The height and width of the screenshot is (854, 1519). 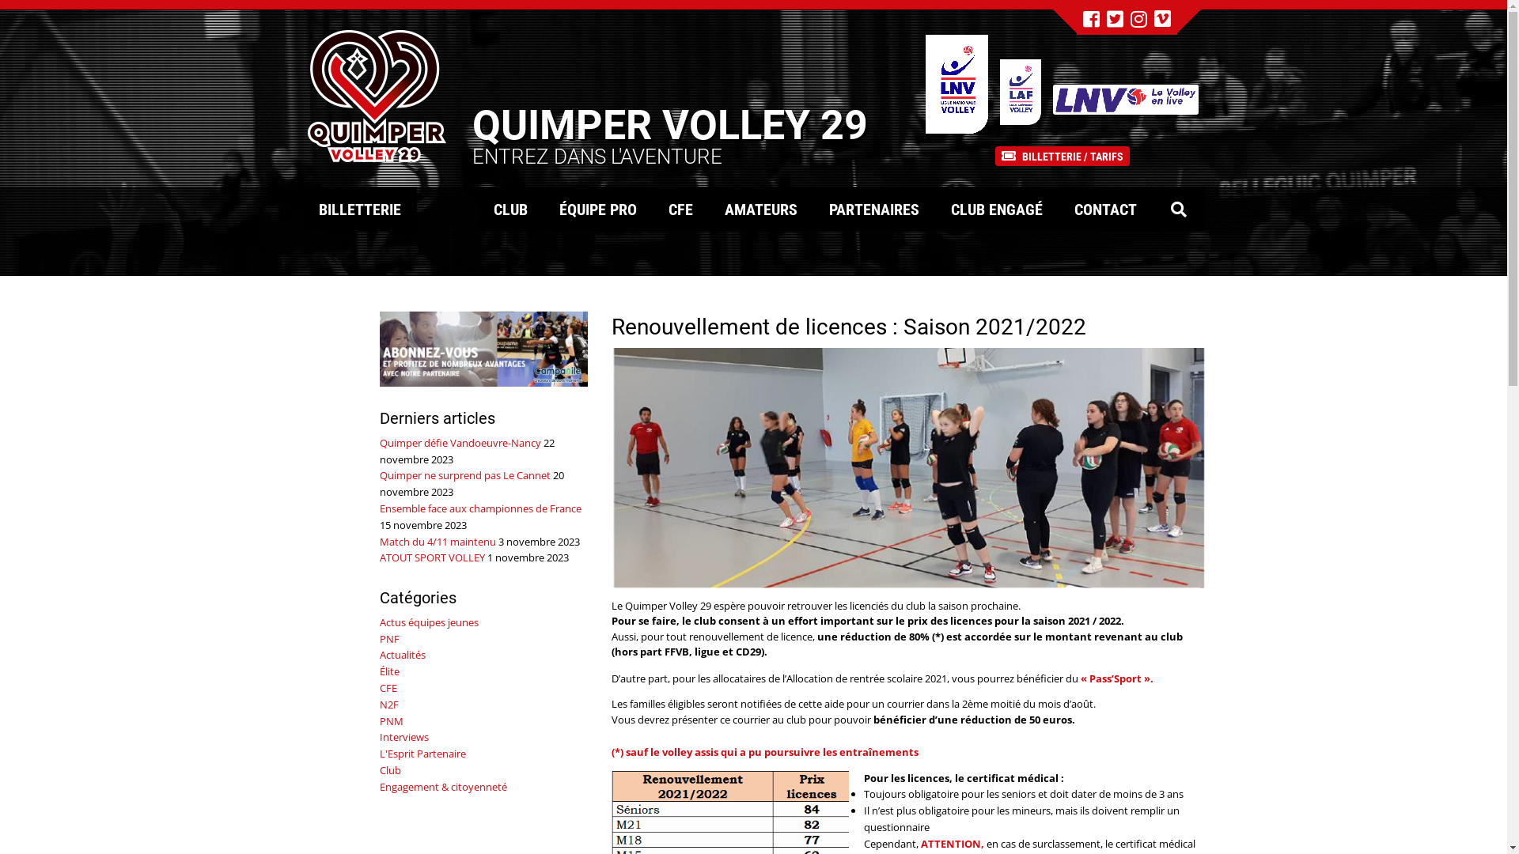 I want to click on 'L'Esprit Partenaire', so click(x=422, y=752).